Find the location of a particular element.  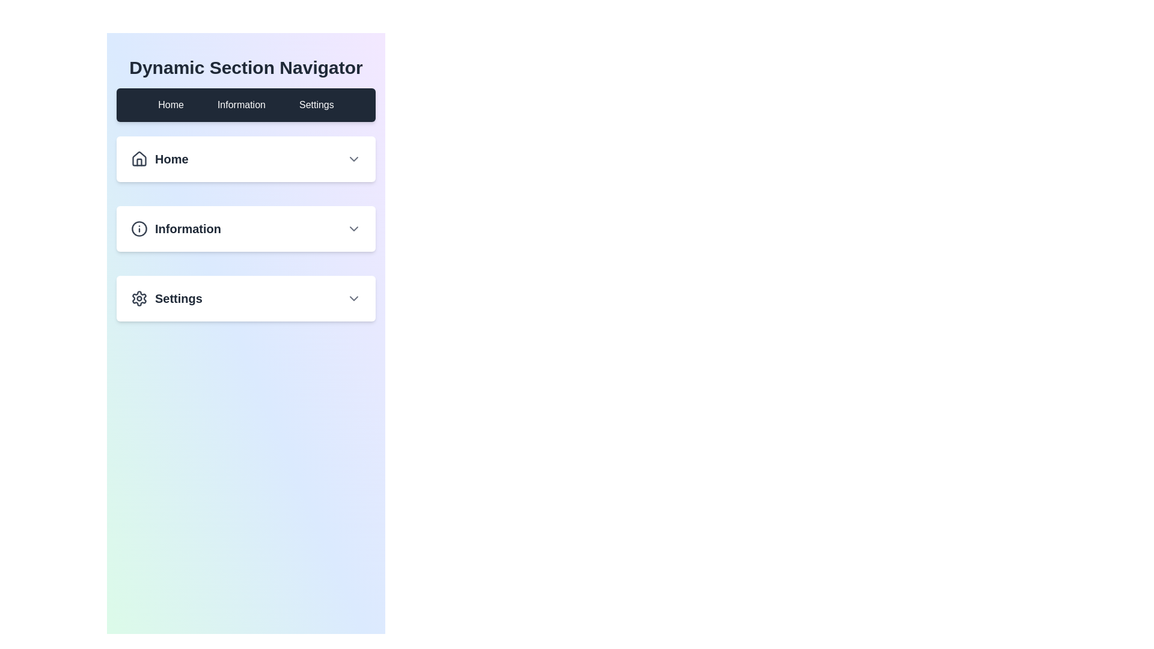

the 'Settings' menu item with icon and label located in the bottom section under 'Dynamic Section Navigator' for accessibility navigation is located at coordinates (166, 298).